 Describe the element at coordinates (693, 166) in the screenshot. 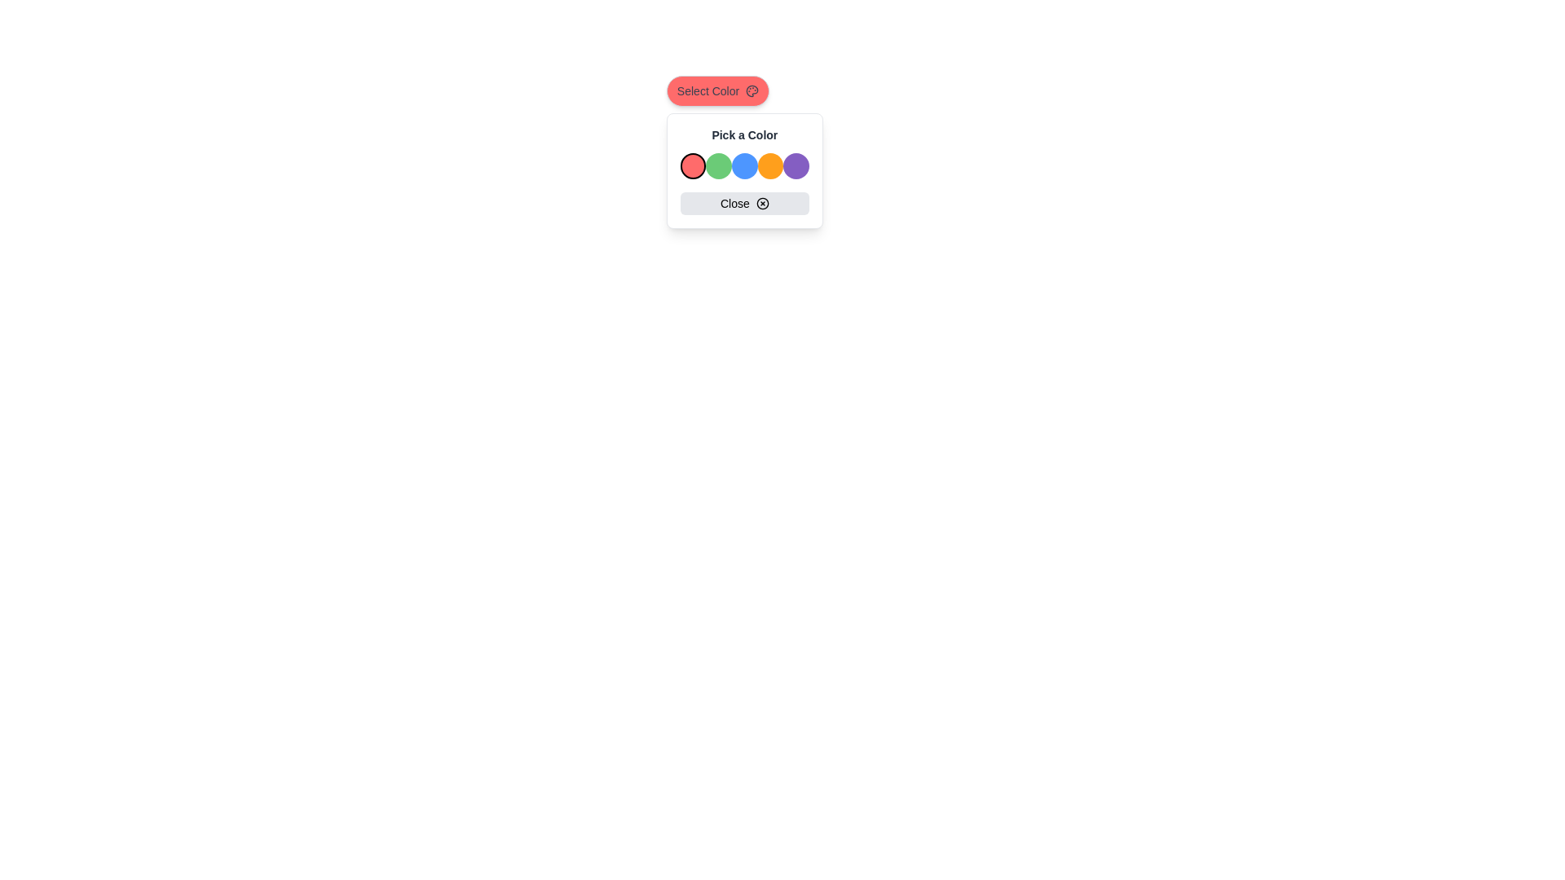

I see `the leftmost red color selection button` at that location.